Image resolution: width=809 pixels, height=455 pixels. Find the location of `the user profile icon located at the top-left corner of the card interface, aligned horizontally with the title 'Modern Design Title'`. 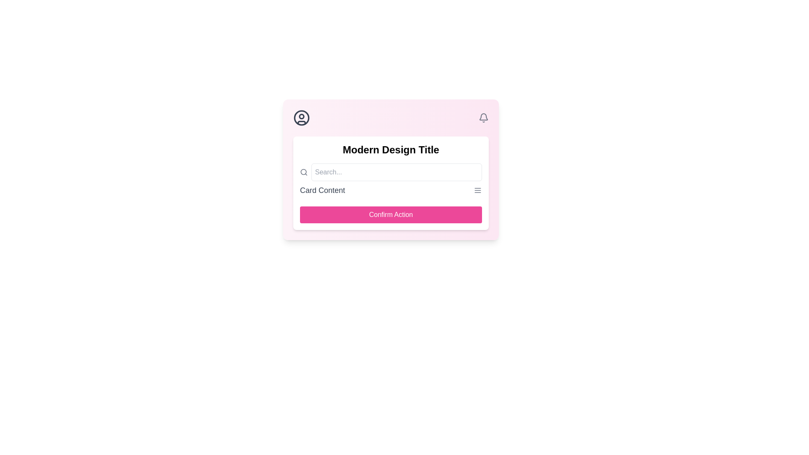

the user profile icon located at the top-left corner of the card interface, aligned horizontally with the title 'Modern Design Title' is located at coordinates (301, 118).